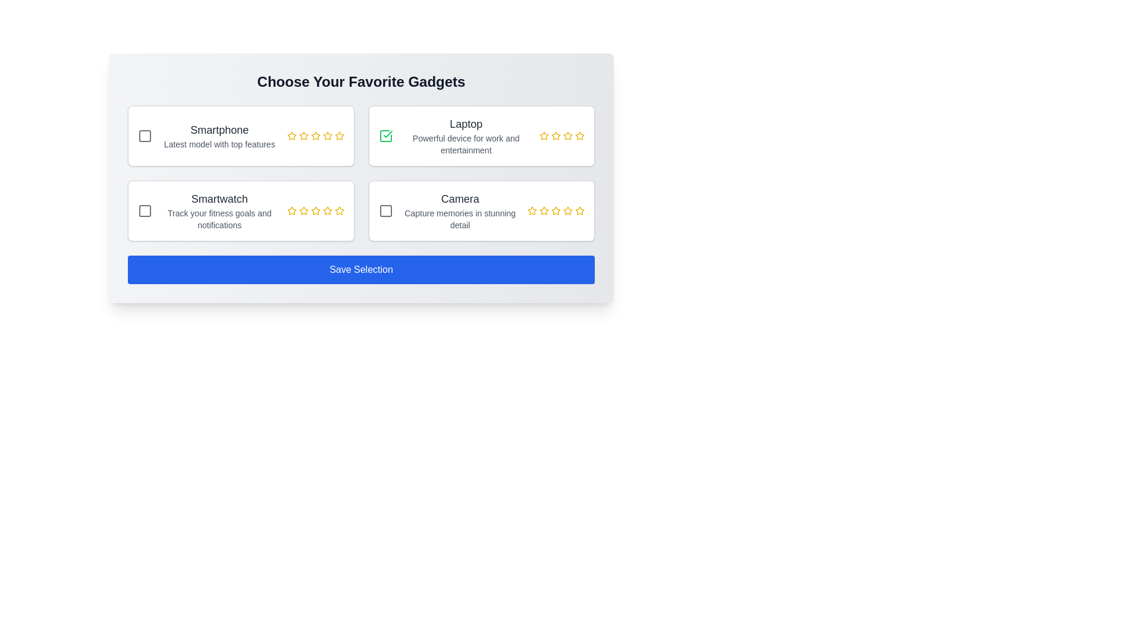  What do you see at coordinates (291, 210) in the screenshot?
I see `the third golden-yellow filled star in the 'Smartwatch' rating section` at bounding box center [291, 210].